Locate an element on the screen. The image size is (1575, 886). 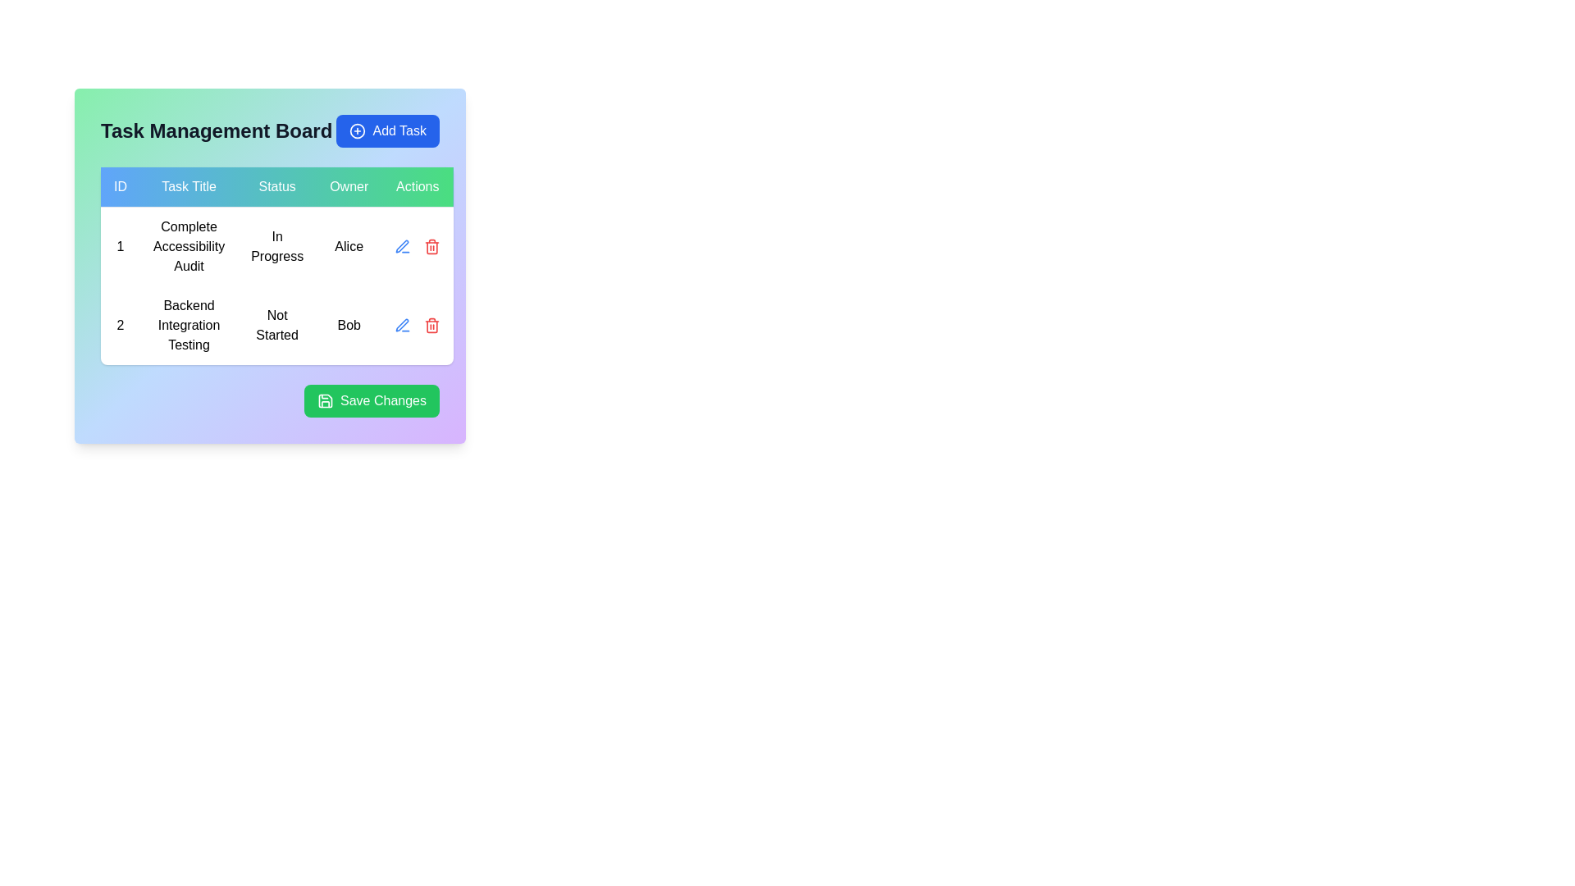
the edit button icon located in the 'Actions' column of the first row in the task management table is located at coordinates (403, 246).